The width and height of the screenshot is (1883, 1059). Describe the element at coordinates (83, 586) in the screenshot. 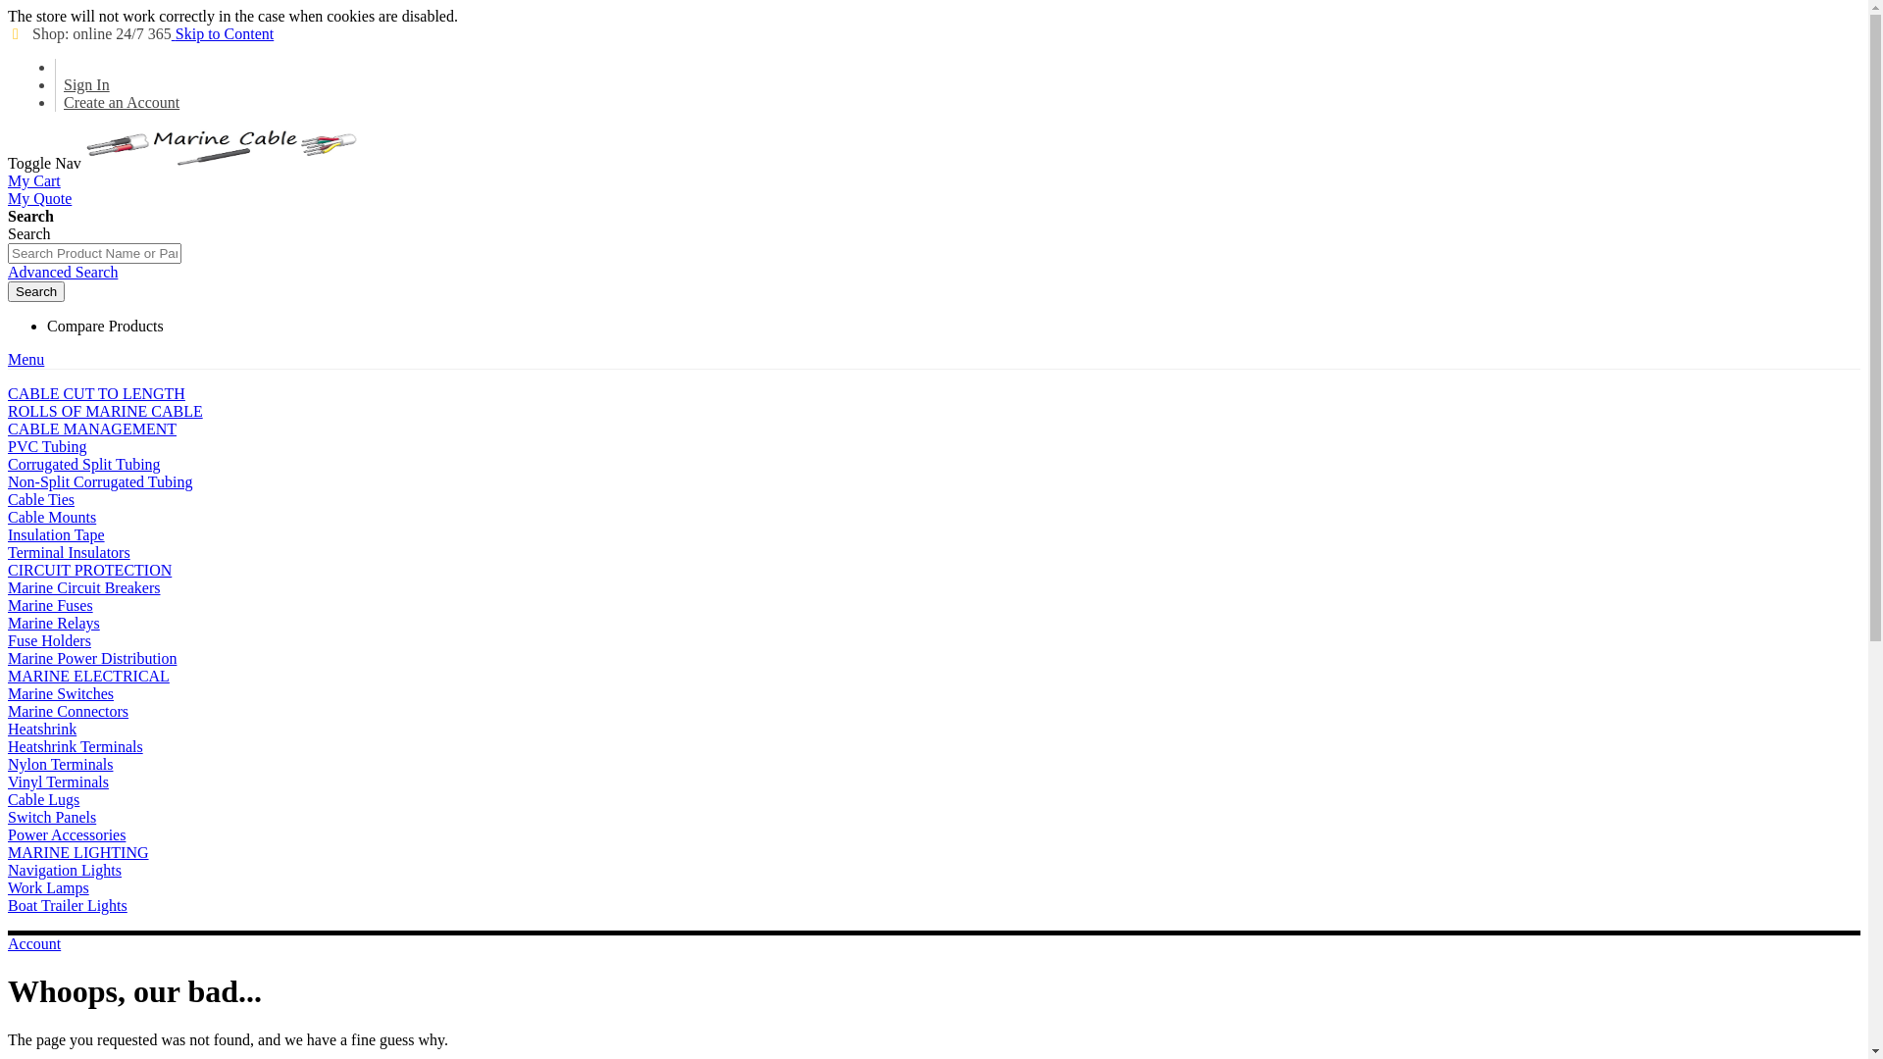

I see `'Marine Circuit Breakers'` at that location.